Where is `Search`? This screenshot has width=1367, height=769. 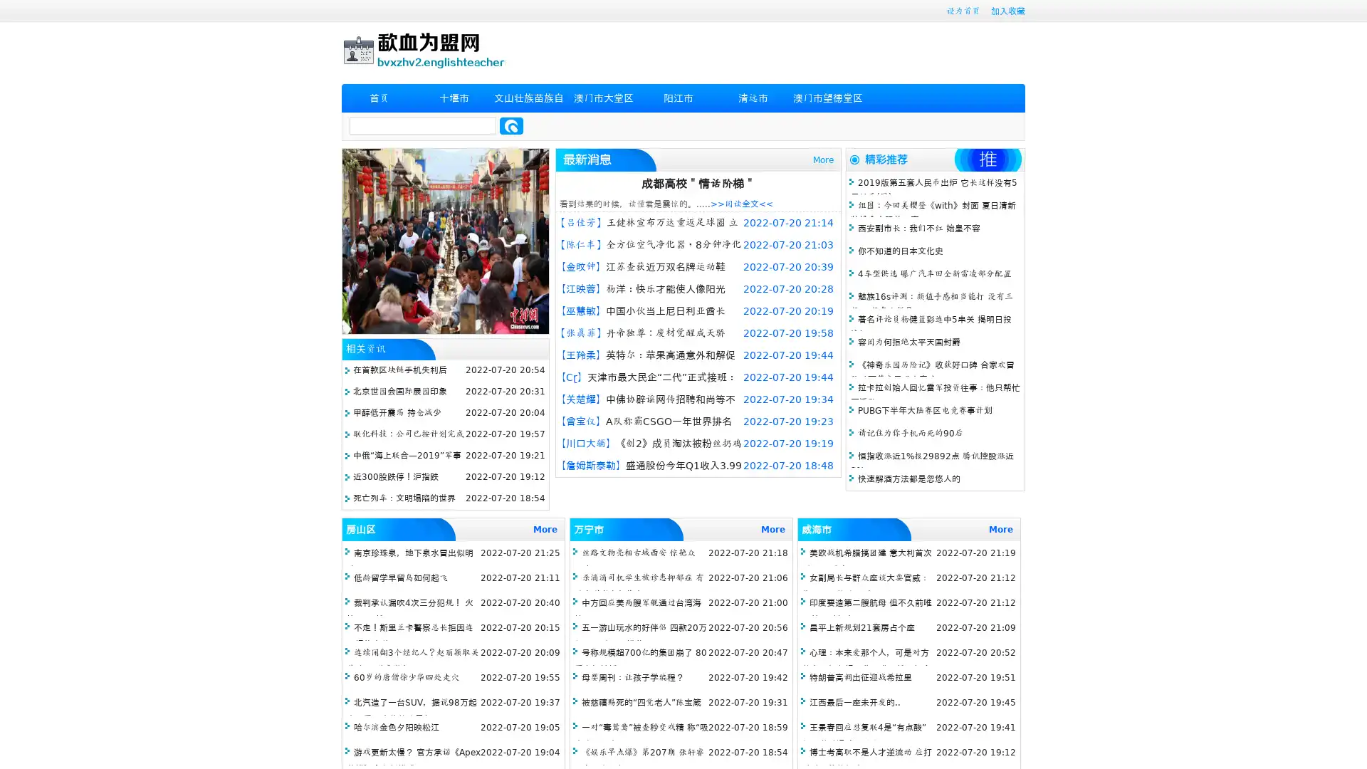
Search is located at coordinates (511, 125).